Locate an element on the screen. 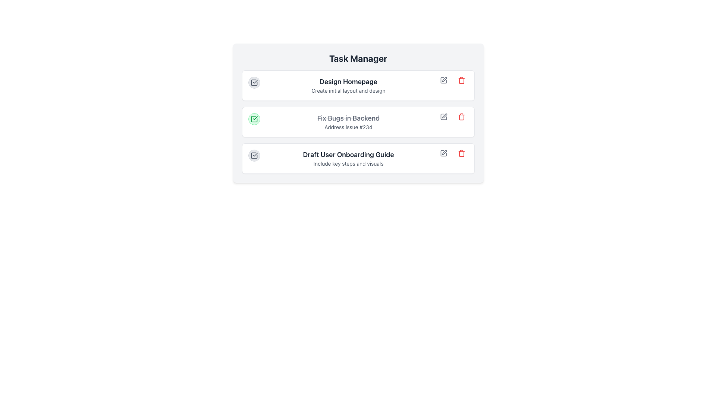 This screenshot has height=402, width=716. the checkbox on the second task card in the task manager to mark the task complete is located at coordinates (358, 121).